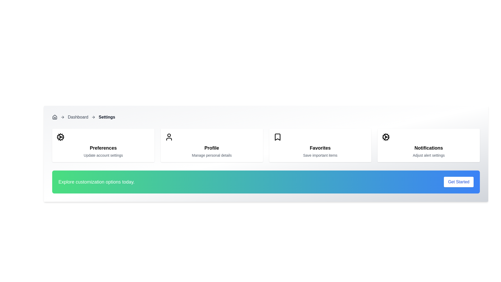 This screenshot has width=501, height=282. I want to click on the circular shape within the gear icon in the settings card labeled 'Preferences' located at the top left of the cards section, so click(60, 137).